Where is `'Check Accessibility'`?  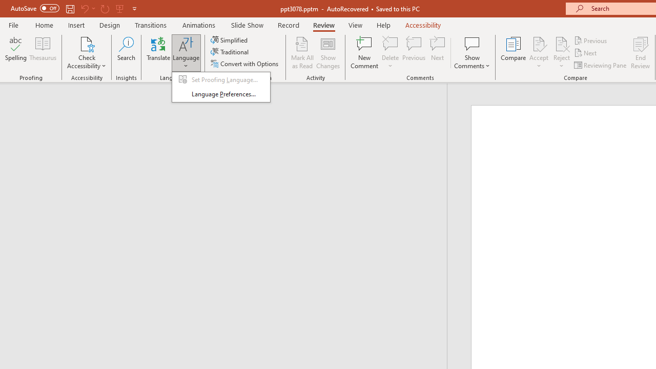
'Check Accessibility' is located at coordinates (87, 43).